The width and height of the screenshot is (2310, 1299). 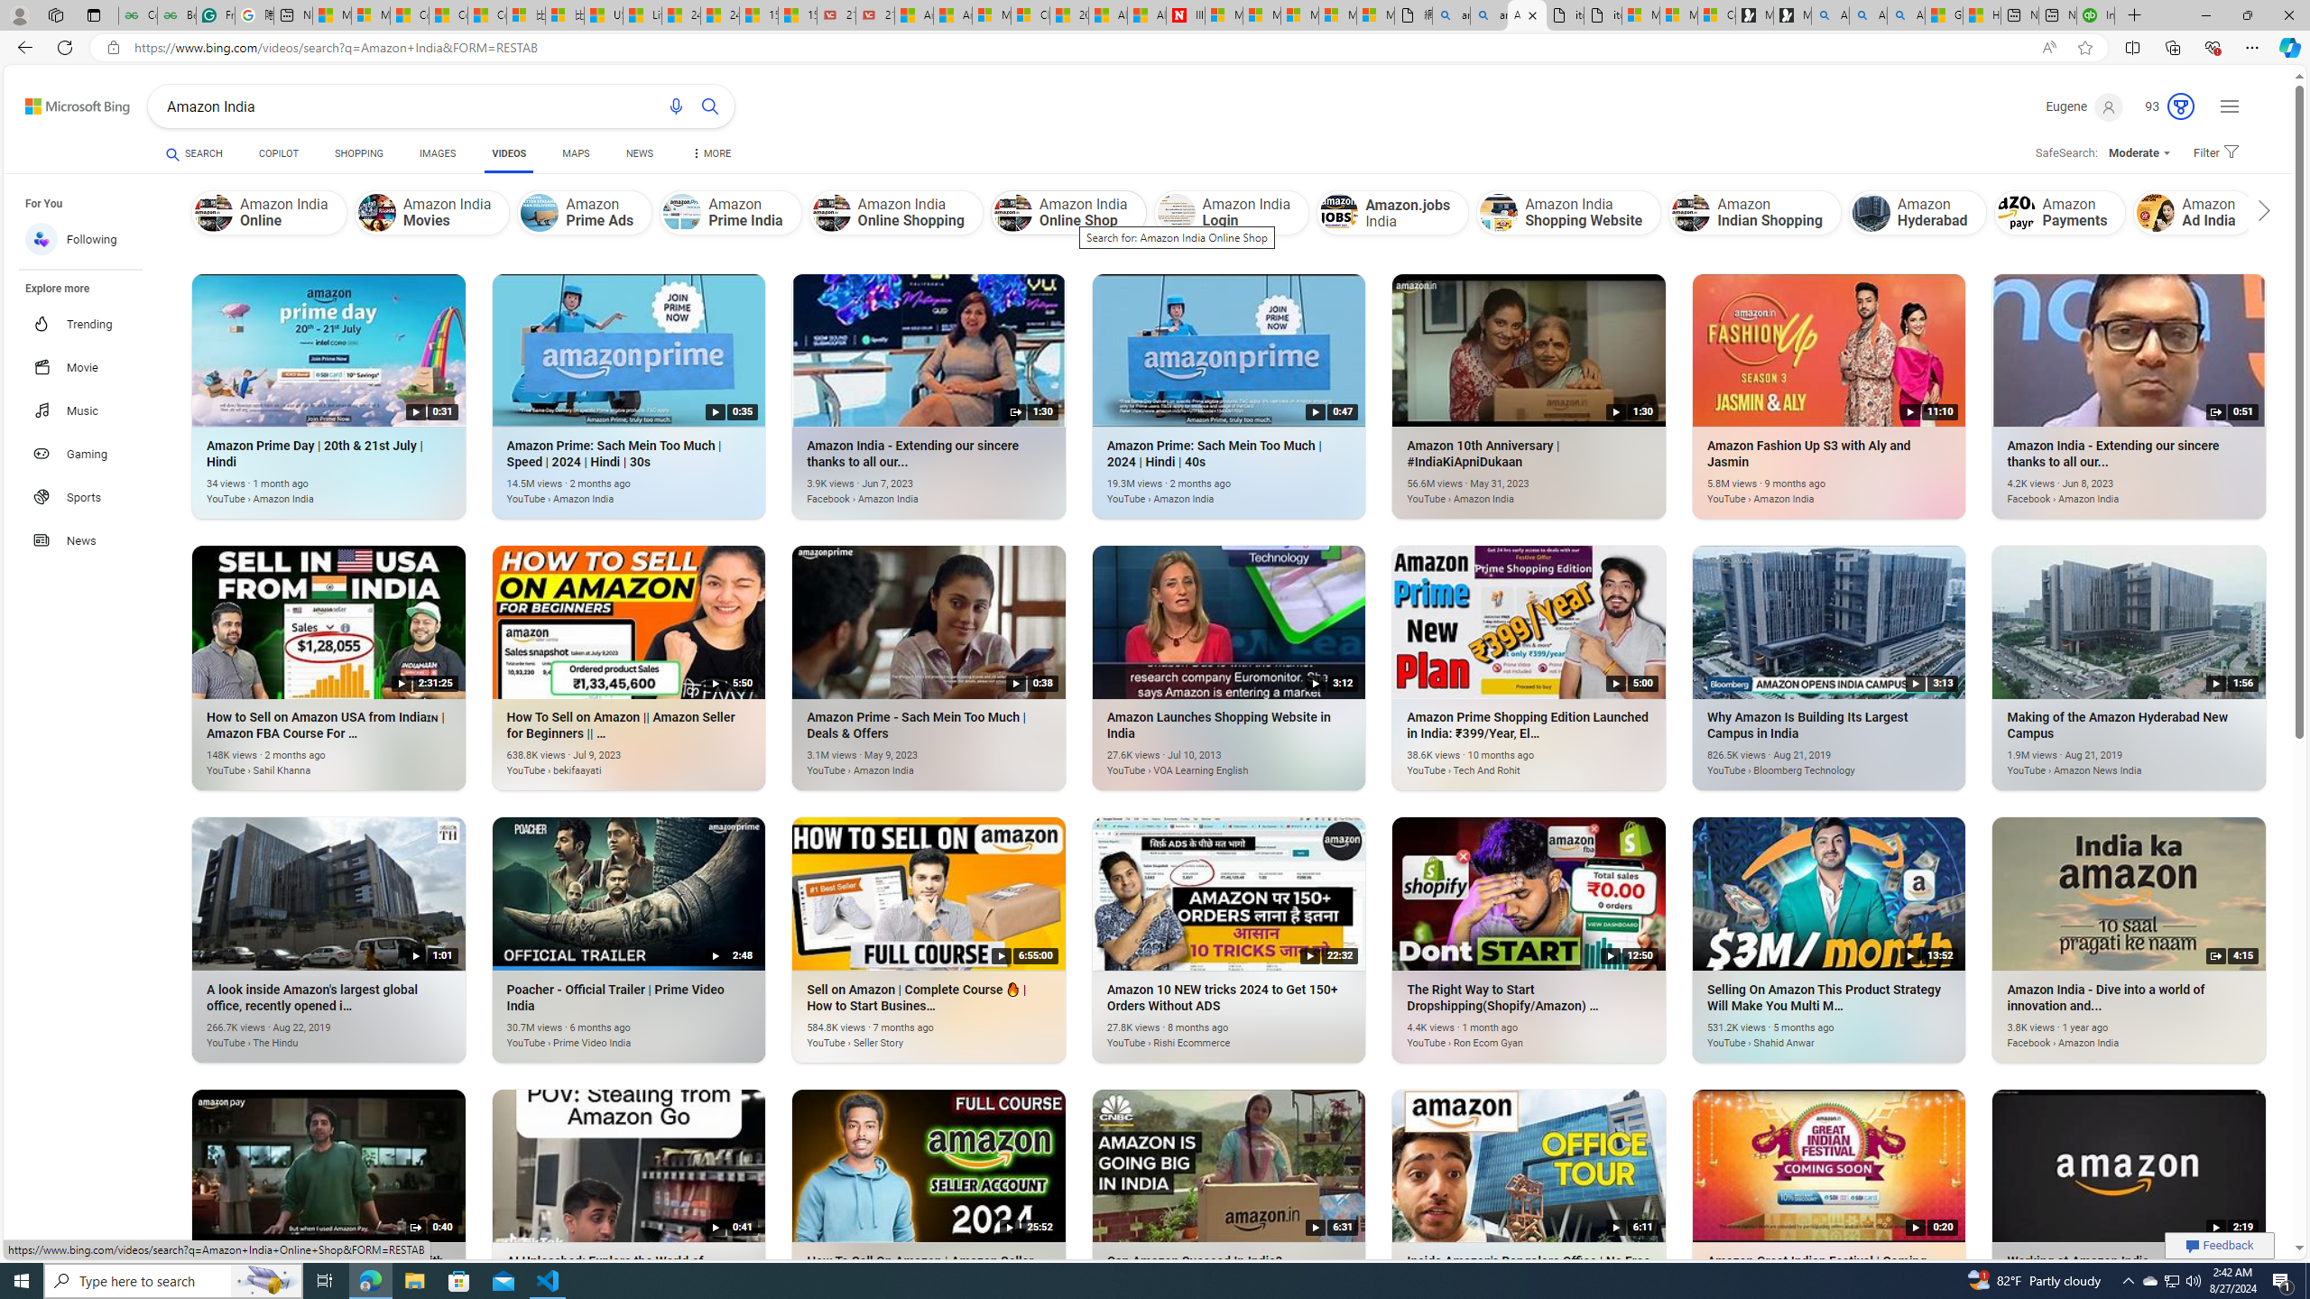 I want to click on 'AutomationID: rh_meter', so click(x=2180, y=106).